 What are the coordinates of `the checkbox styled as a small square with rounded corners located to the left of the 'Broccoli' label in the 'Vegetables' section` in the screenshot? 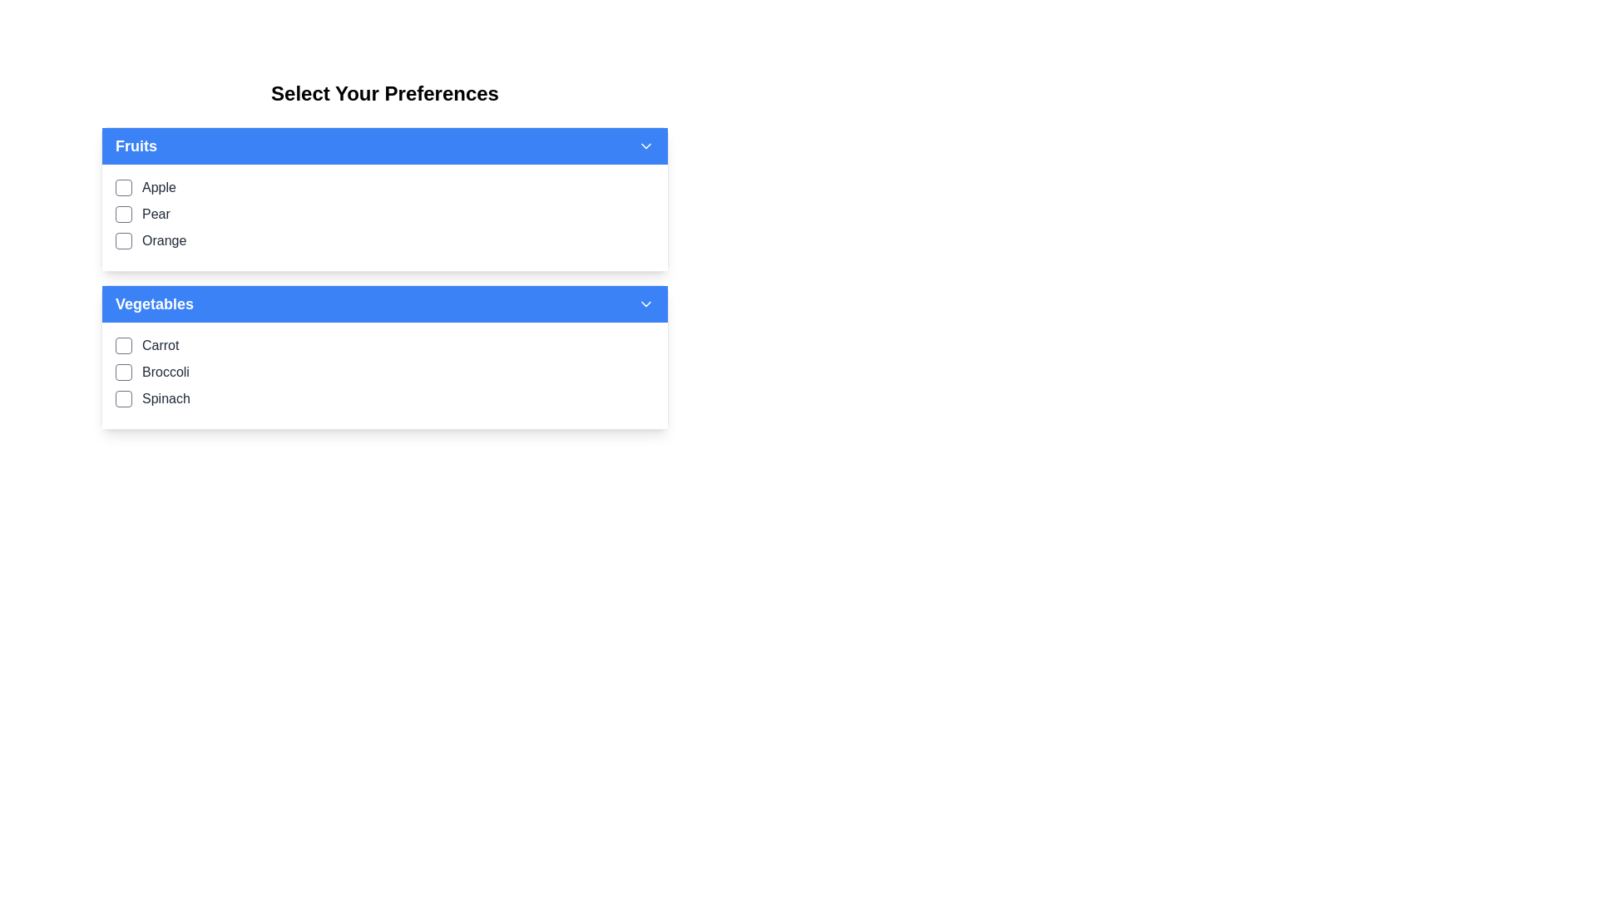 It's located at (122, 371).